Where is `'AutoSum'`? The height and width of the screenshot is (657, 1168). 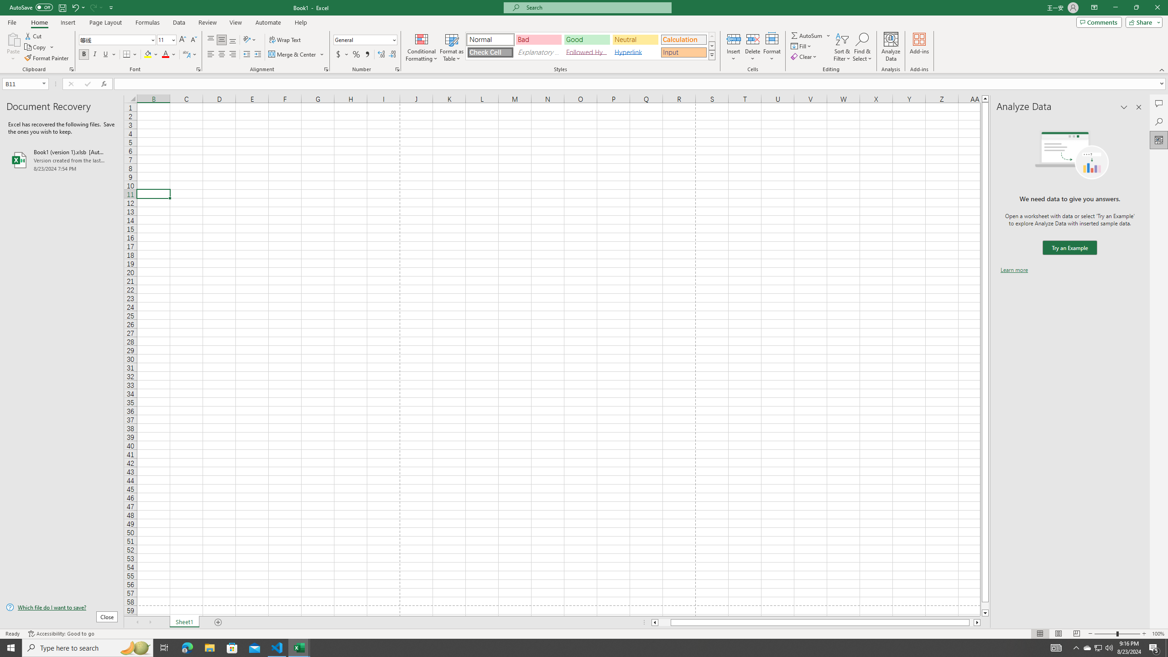 'AutoSum' is located at coordinates (811, 35).